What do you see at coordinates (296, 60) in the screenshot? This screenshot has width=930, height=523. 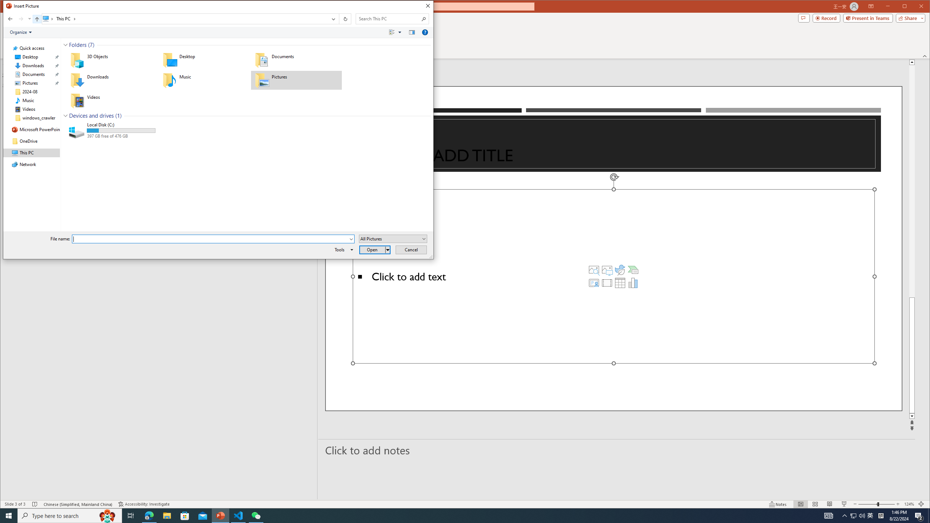 I see `'Documents'` at bounding box center [296, 60].